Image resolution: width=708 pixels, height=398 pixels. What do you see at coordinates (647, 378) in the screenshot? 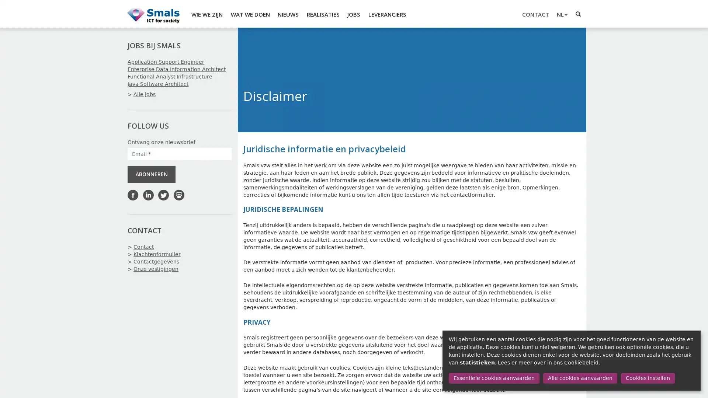
I see `Cookies instellen` at bounding box center [647, 378].